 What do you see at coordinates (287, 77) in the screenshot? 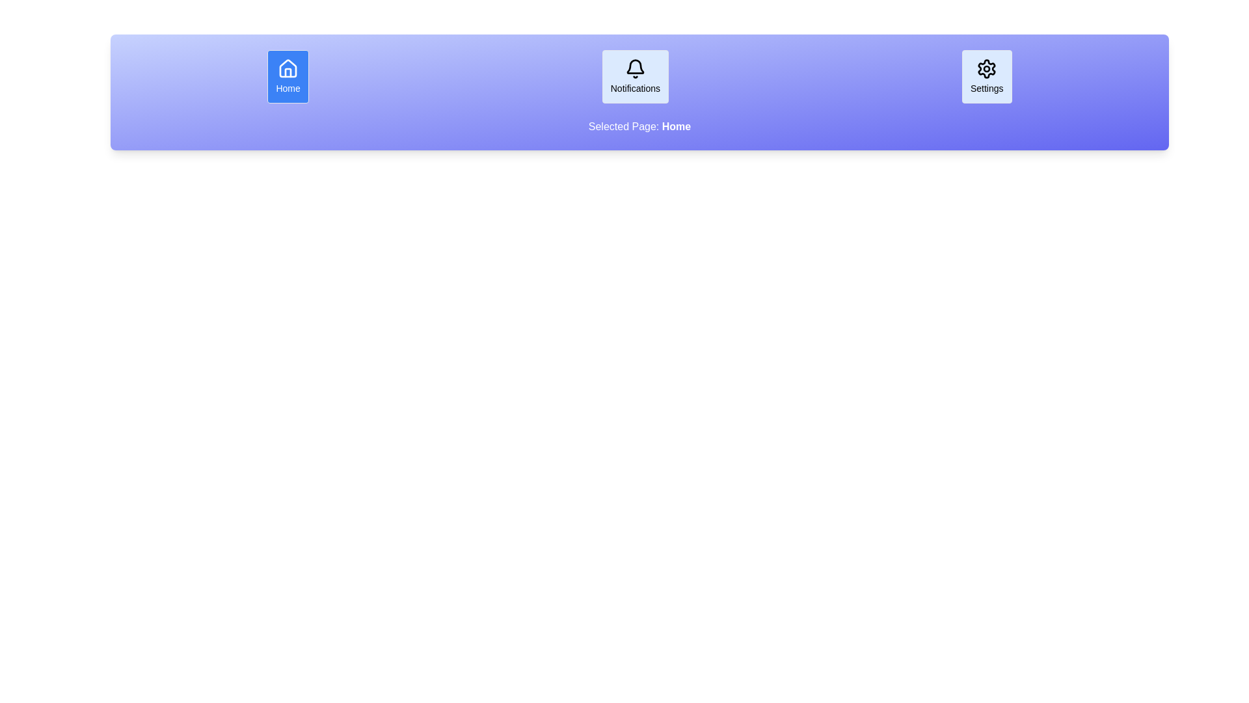
I see `the Home button to observe its hover effect` at bounding box center [287, 77].